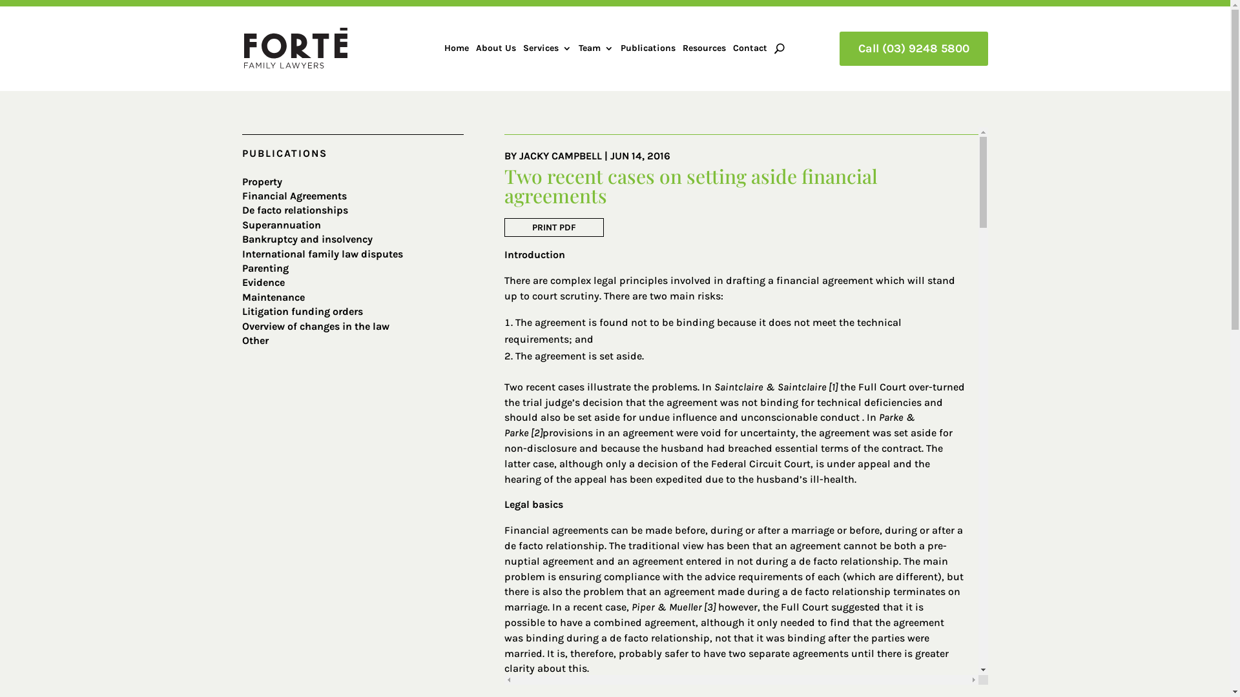 Image resolution: width=1240 pixels, height=697 pixels. What do you see at coordinates (648, 50) in the screenshot?
I see `'Publications'` at bounding box center [648, 50].